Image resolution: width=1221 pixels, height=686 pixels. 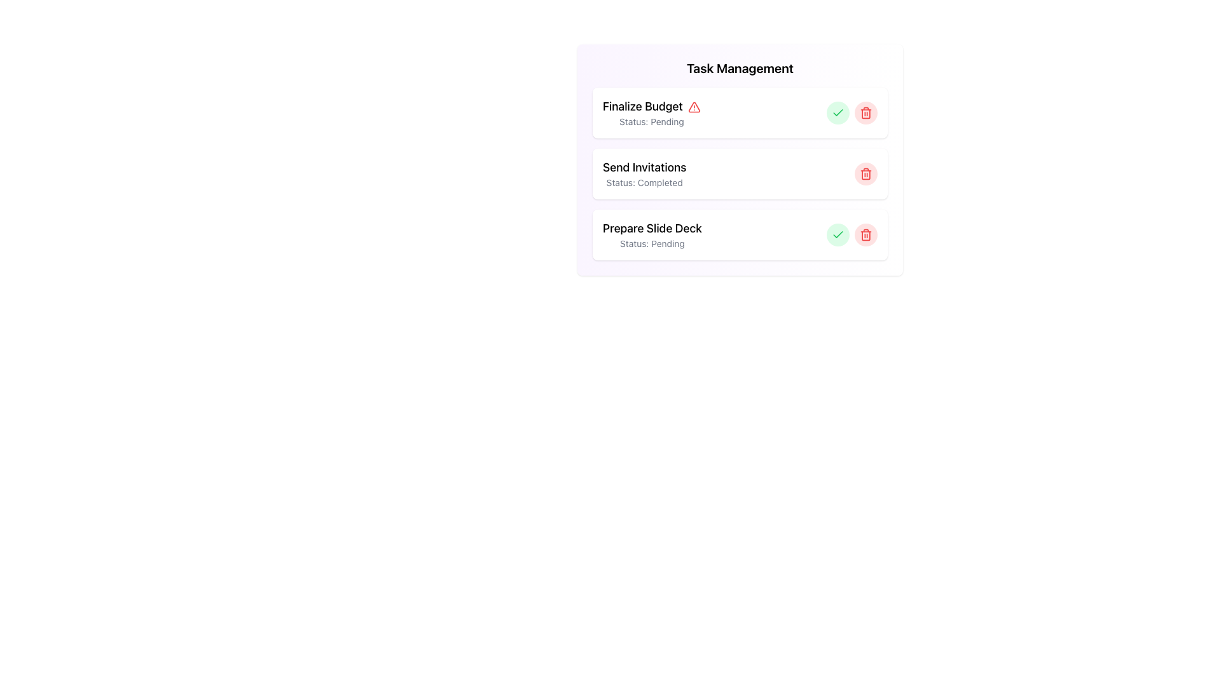 I want to click on the rounded red button with a trash can icon located at the far right of the task management section, so click(x=866, y=112).